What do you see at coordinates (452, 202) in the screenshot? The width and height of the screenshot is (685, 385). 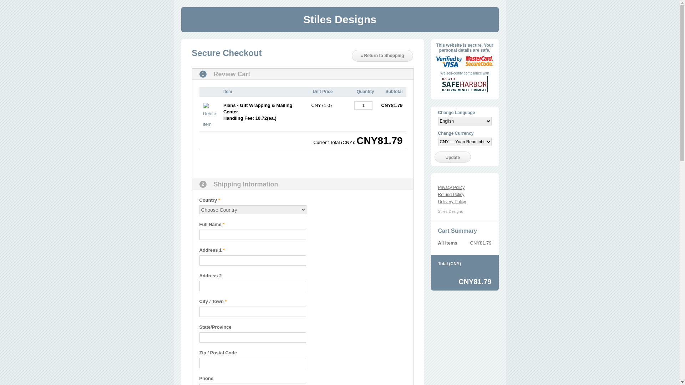 I see `'Delivery Policy'` at bounding box center [452, 202].